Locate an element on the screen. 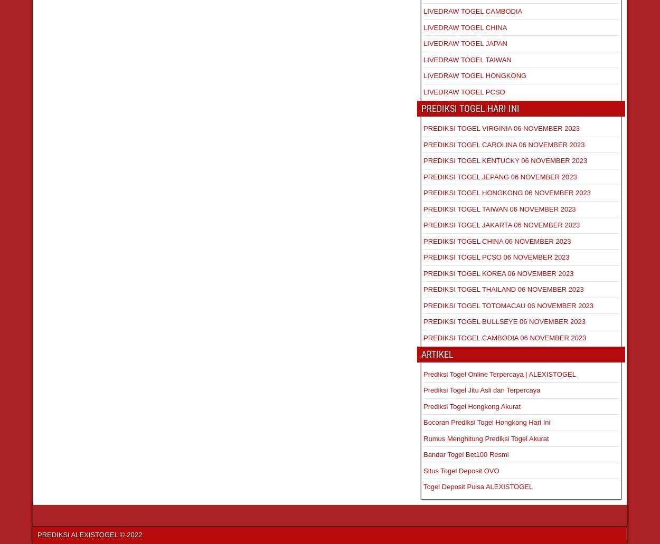 The height and width of the screenshot is (544, 660). 'LIVEDRAW TOGEL PCSO' is located at coordinates (464, 91).